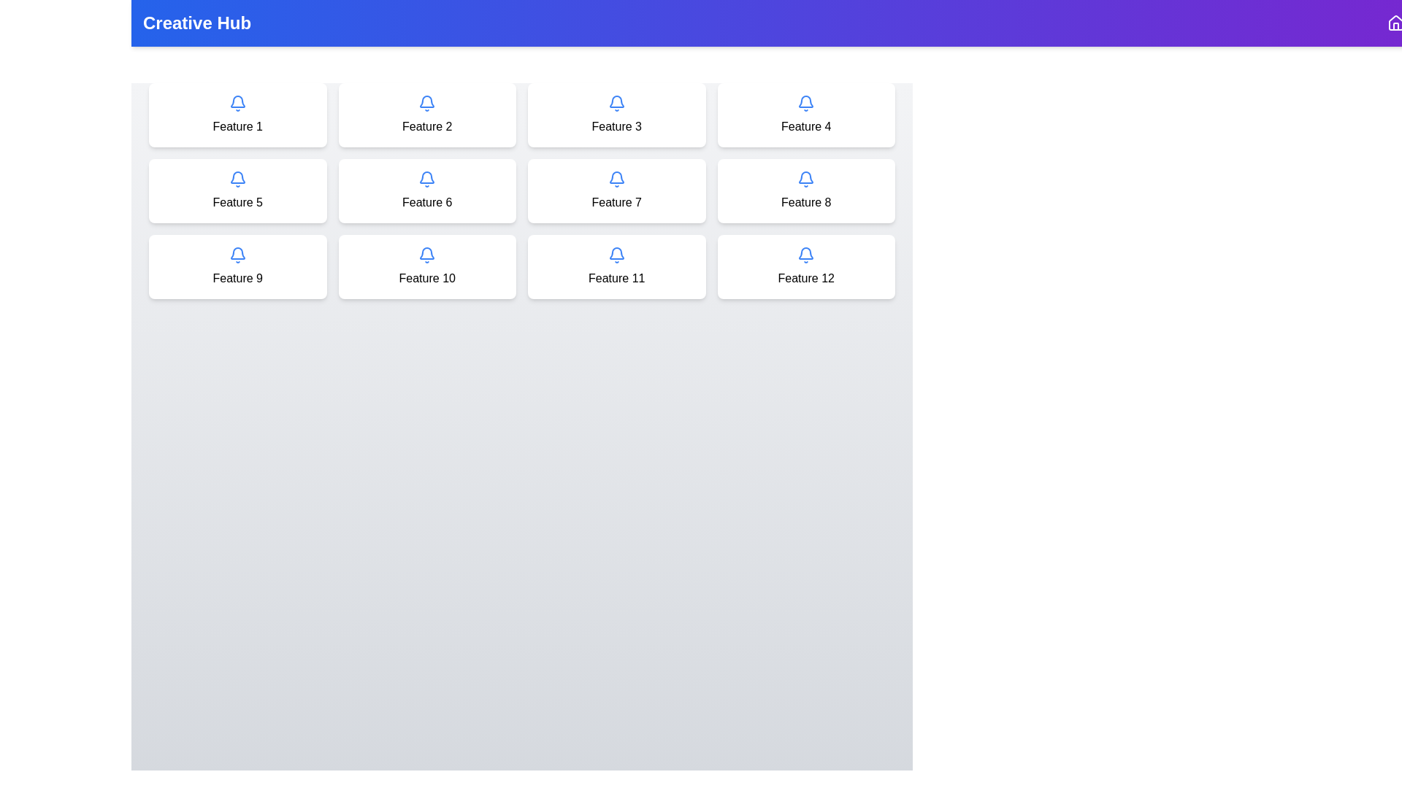 The image size is (1402, 788). What do you see at coordinates (1395, 23) in the screenshot?
I see `the navigation icon corresponding to Home` at bounding box center [1395, 23].